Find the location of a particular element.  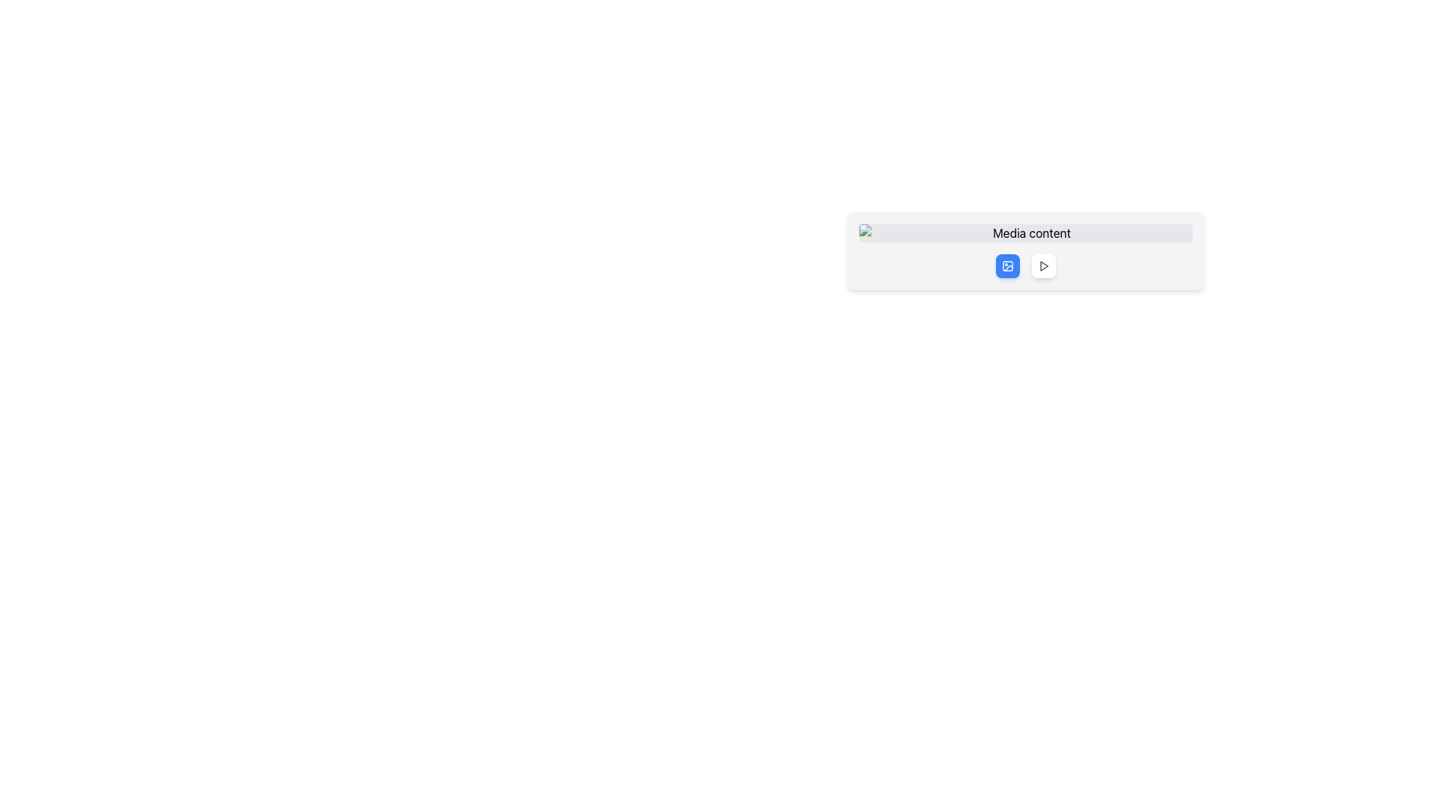

the Play Button located in the media control area under the label 'Media content' to initiate media playback is located at coordinates (1043, 265).